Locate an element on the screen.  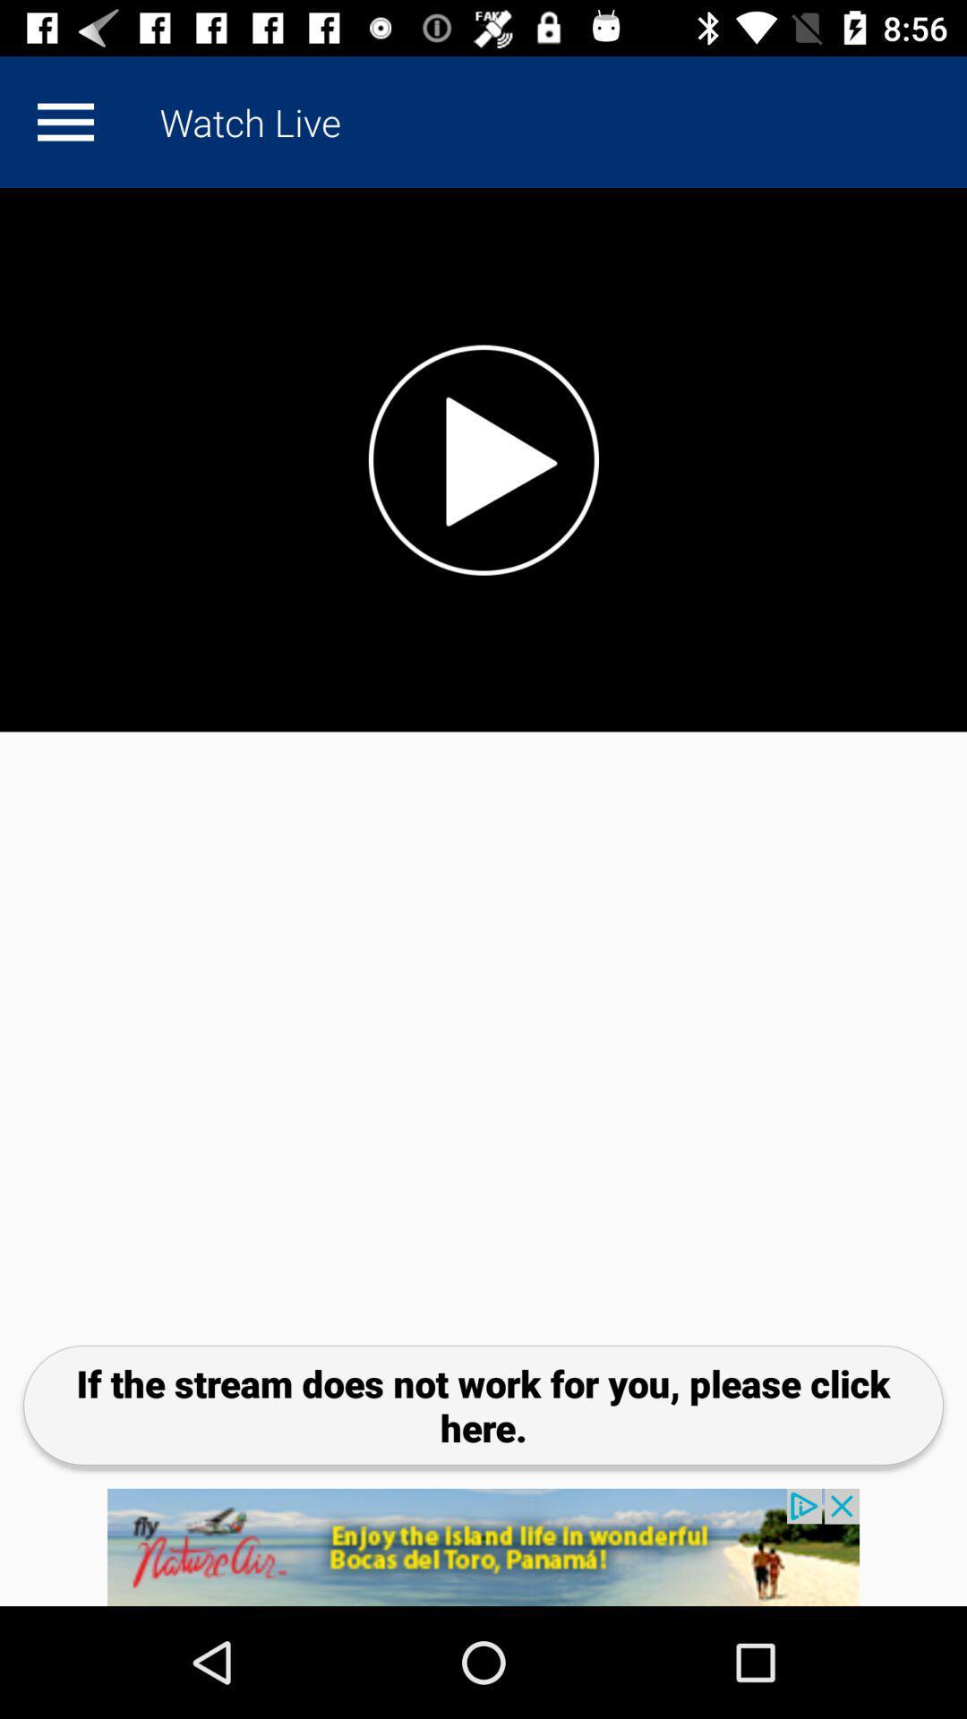
product add is located at coordinates (483, 1546).